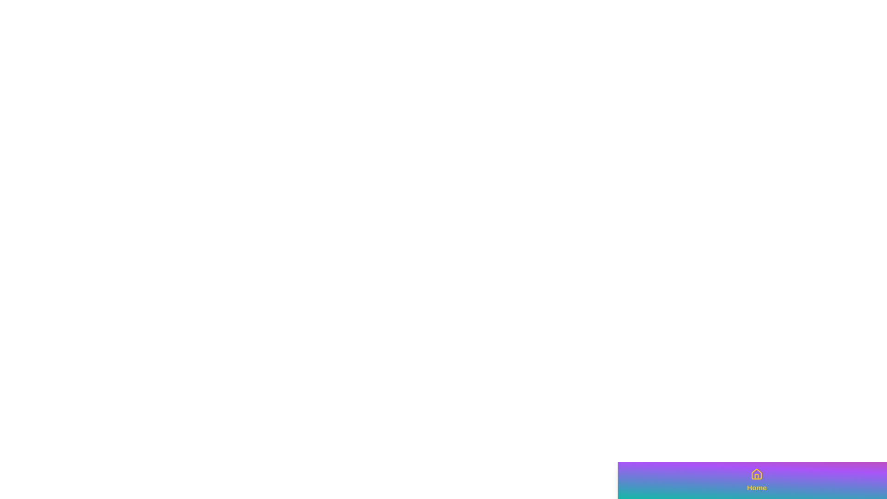 This screenshot has width=887, height=499. I want to click on the button labeled Home to observe its animation, so click(757, 480).